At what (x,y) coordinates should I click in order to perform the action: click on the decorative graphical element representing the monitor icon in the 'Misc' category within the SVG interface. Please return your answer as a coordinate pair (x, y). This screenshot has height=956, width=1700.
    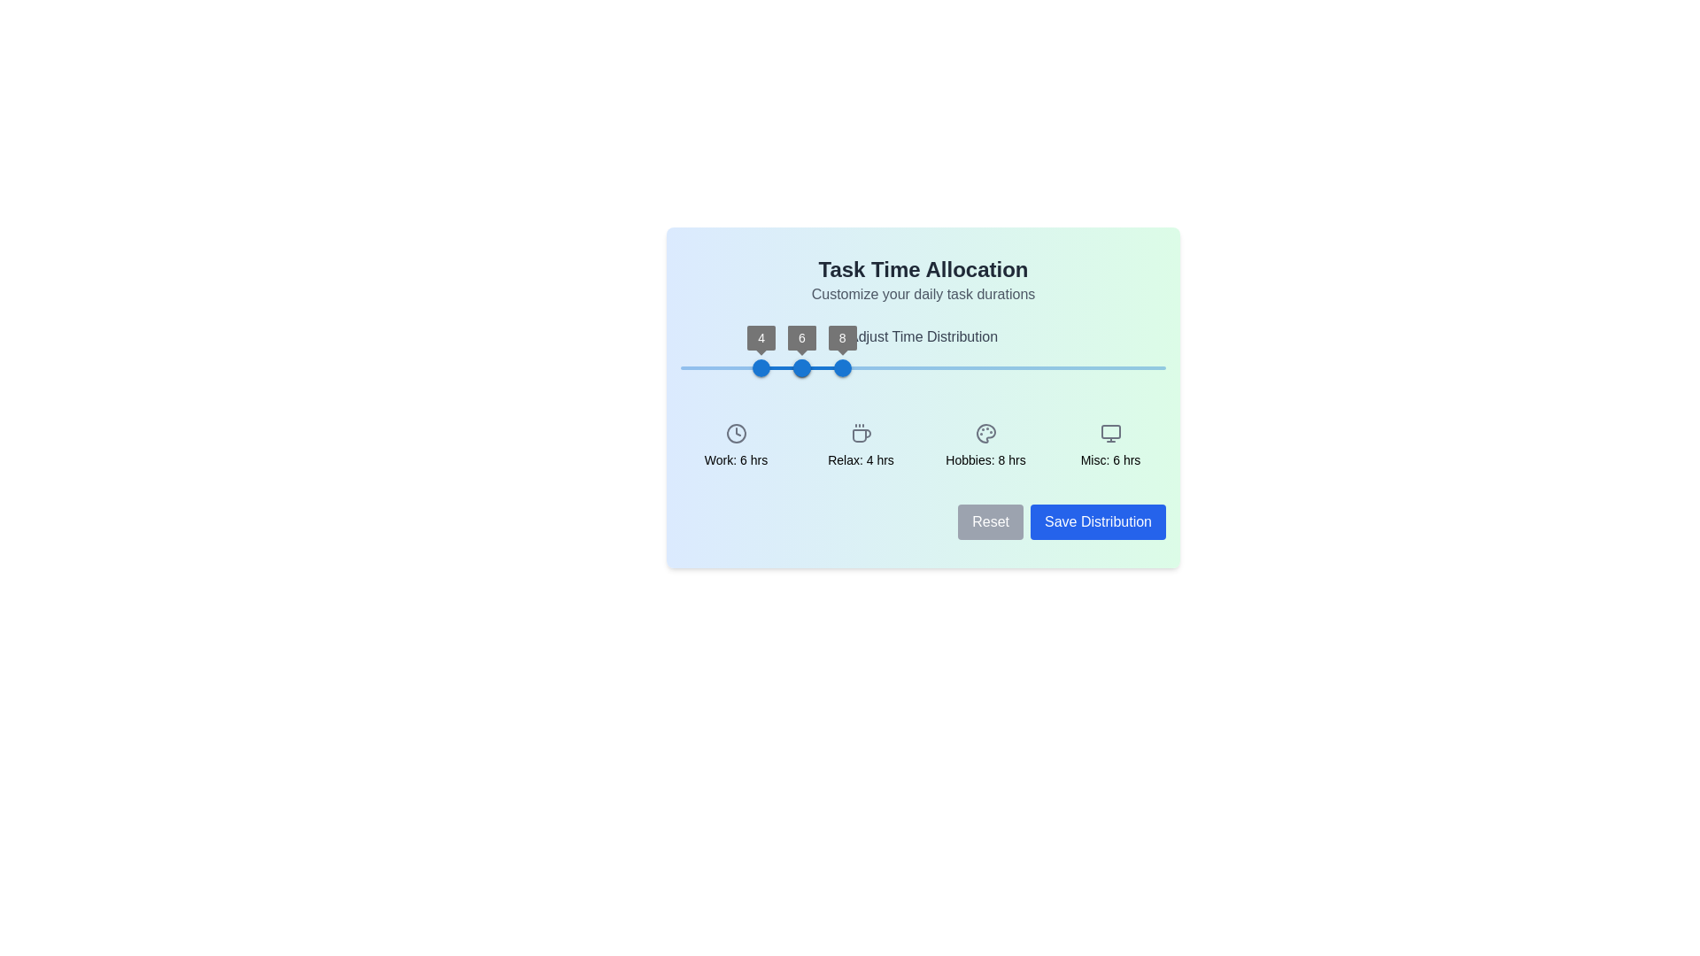
    Looking at the image, I should click on (1109, 432).